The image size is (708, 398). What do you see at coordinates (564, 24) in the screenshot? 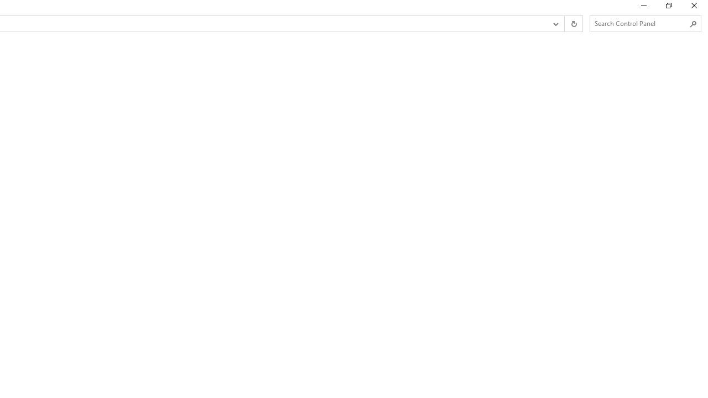
I see `'Address band toolbar'` at bounding box center [564, 24].